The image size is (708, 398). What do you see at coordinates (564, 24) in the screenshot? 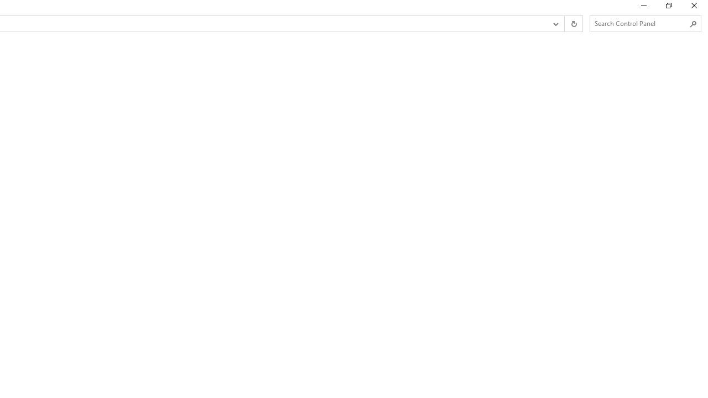
I see `'Address band toolbar'` at bounding box center [564, 24].